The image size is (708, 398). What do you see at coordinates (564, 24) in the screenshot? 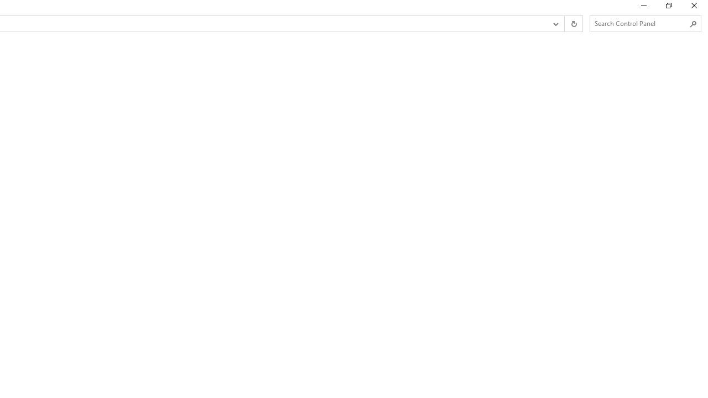
I see `'Address band toolbar'` at bounding box center [564, 24].